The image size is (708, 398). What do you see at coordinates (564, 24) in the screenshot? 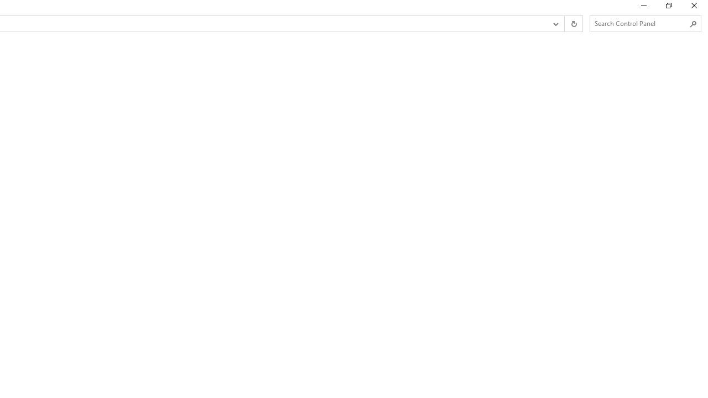
I see `'Address band toolbar'` at bounding box center [564, 24].